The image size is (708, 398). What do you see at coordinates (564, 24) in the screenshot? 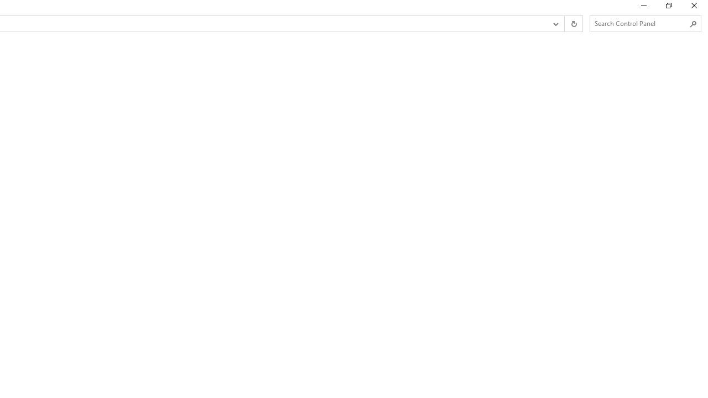
I see `'Address band toolbar'` at bounding box center [564, 24].